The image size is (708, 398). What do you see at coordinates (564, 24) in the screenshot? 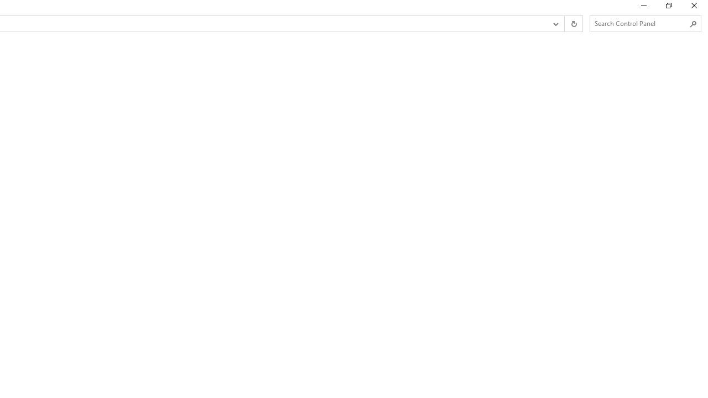
I see `'Address band toolbar'` at bounding box center [564, 24].